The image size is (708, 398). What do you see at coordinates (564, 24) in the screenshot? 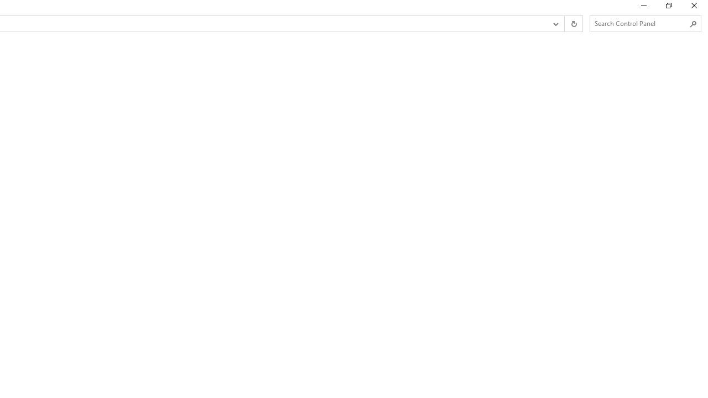
I see `'Address band toolbar'` at bounding box center [564, 24].